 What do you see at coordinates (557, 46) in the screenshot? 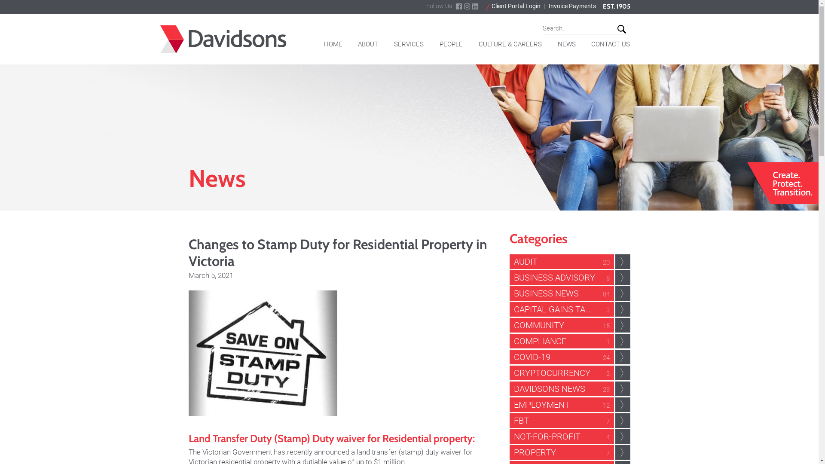
I see `'NEWS'` at bounding box center [557, 46].